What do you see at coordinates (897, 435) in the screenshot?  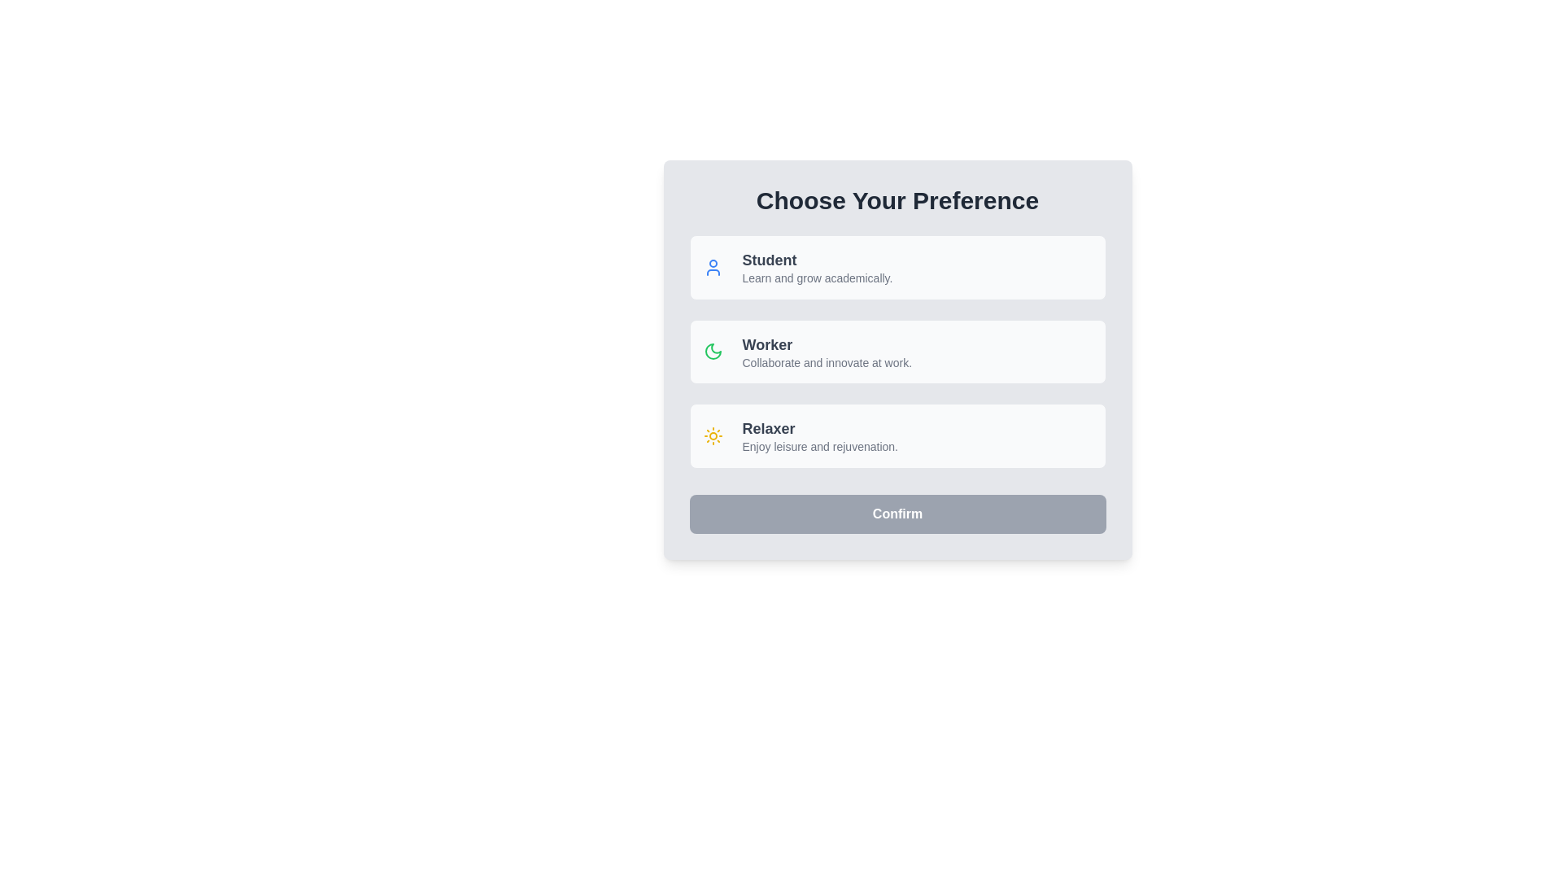 I see `the 'Relaxer' clickable card using keyboard navigation` at bounding box center [897, 435].